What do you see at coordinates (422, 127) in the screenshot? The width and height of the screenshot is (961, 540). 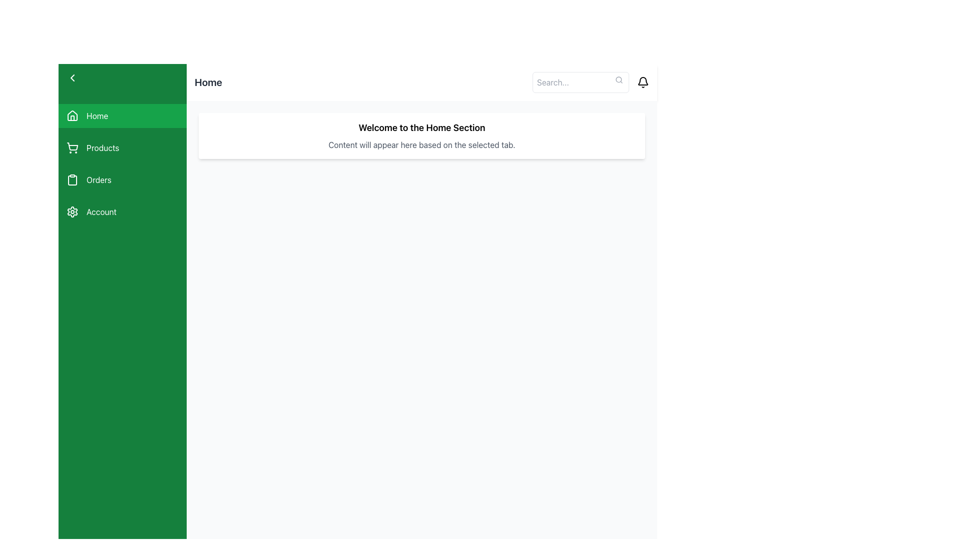 I see `the text header that reads 'Welcome to the Home Section', which is styled with a larger font size and bold weight, positioned at the top of the main content section` at bounding box center [422, 127].